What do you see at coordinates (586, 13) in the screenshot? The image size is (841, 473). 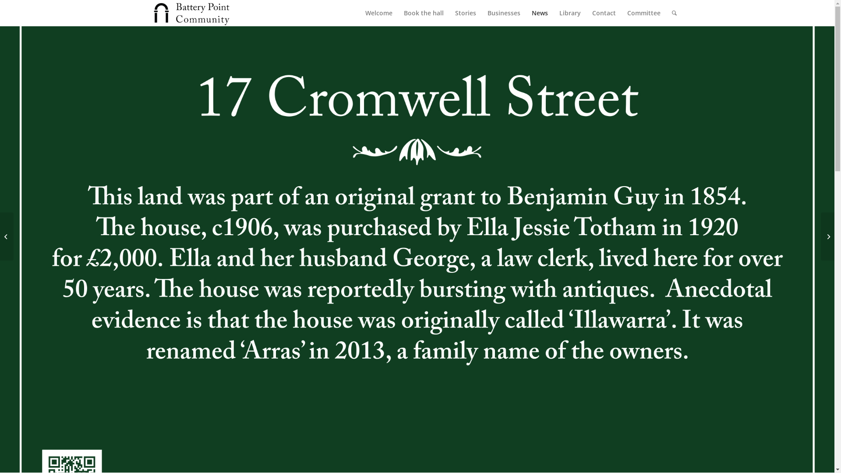 I see `'Contact'` at bounding box center [586, 13].